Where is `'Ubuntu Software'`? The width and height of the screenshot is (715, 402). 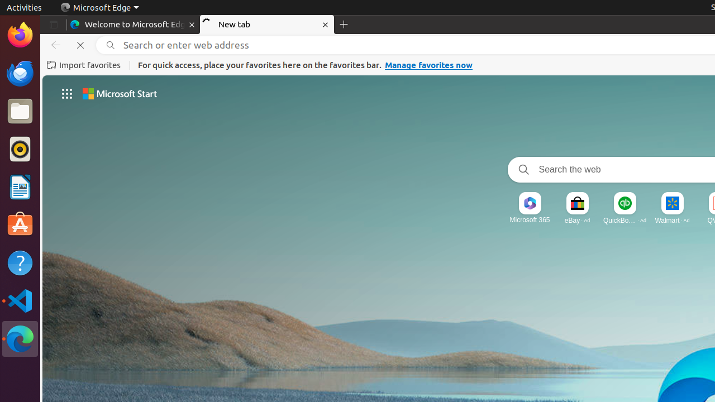
'Ubuntu Software' is located at coordinates (20, 225).